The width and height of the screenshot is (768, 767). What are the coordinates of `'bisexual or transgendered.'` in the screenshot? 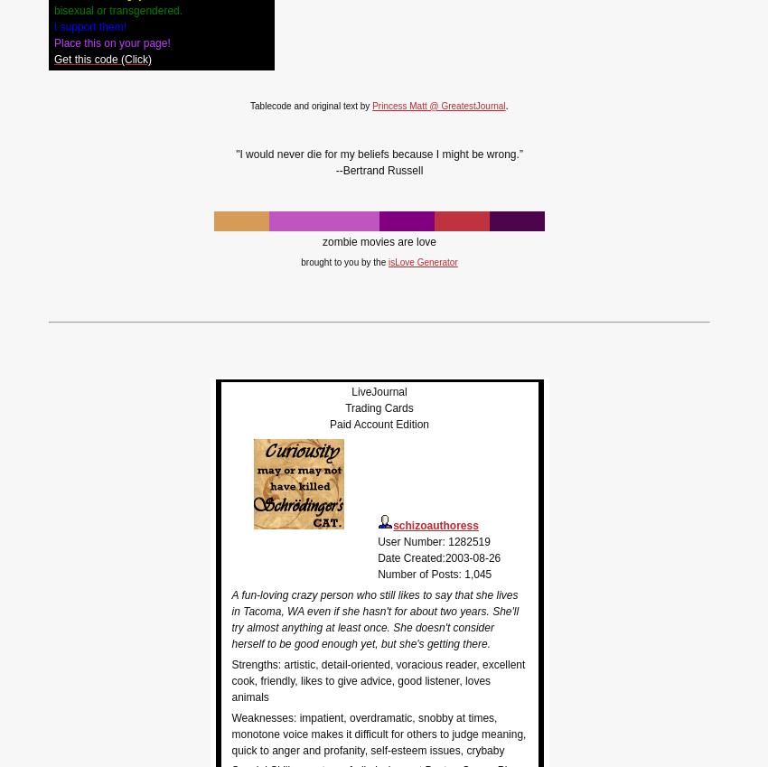 It's located at (54, 9).